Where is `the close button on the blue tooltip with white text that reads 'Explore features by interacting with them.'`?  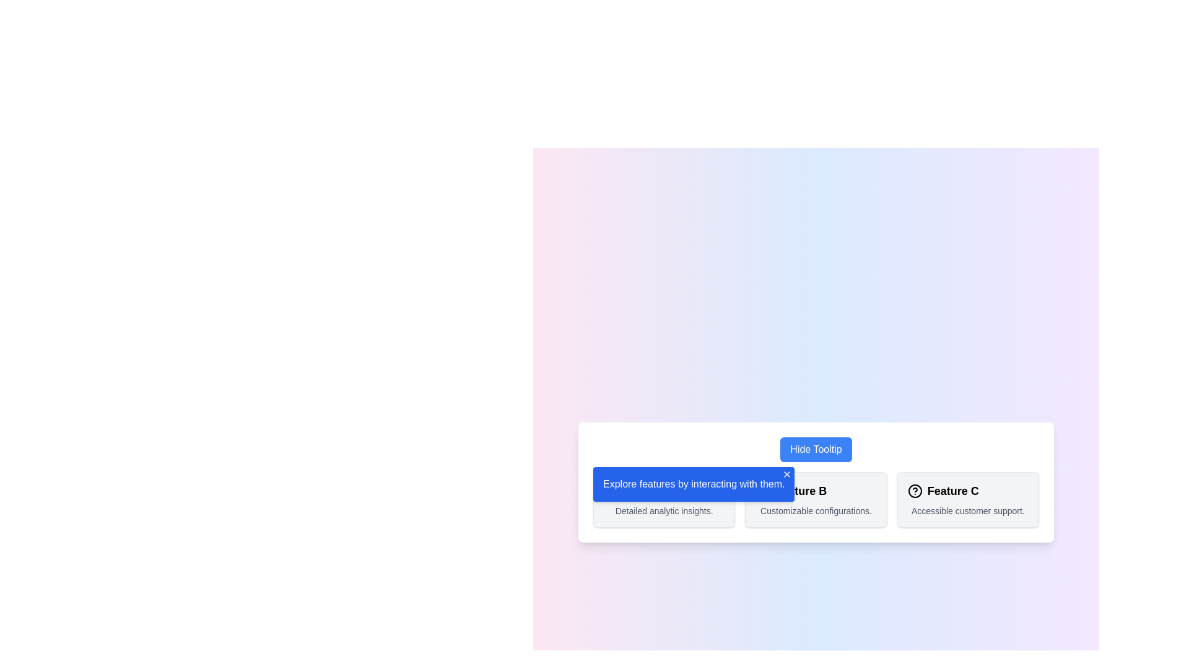 the close button on the blue tooltip with white text that reads 'Explore features by interacting with them.' is located at coordinates (694, 484).